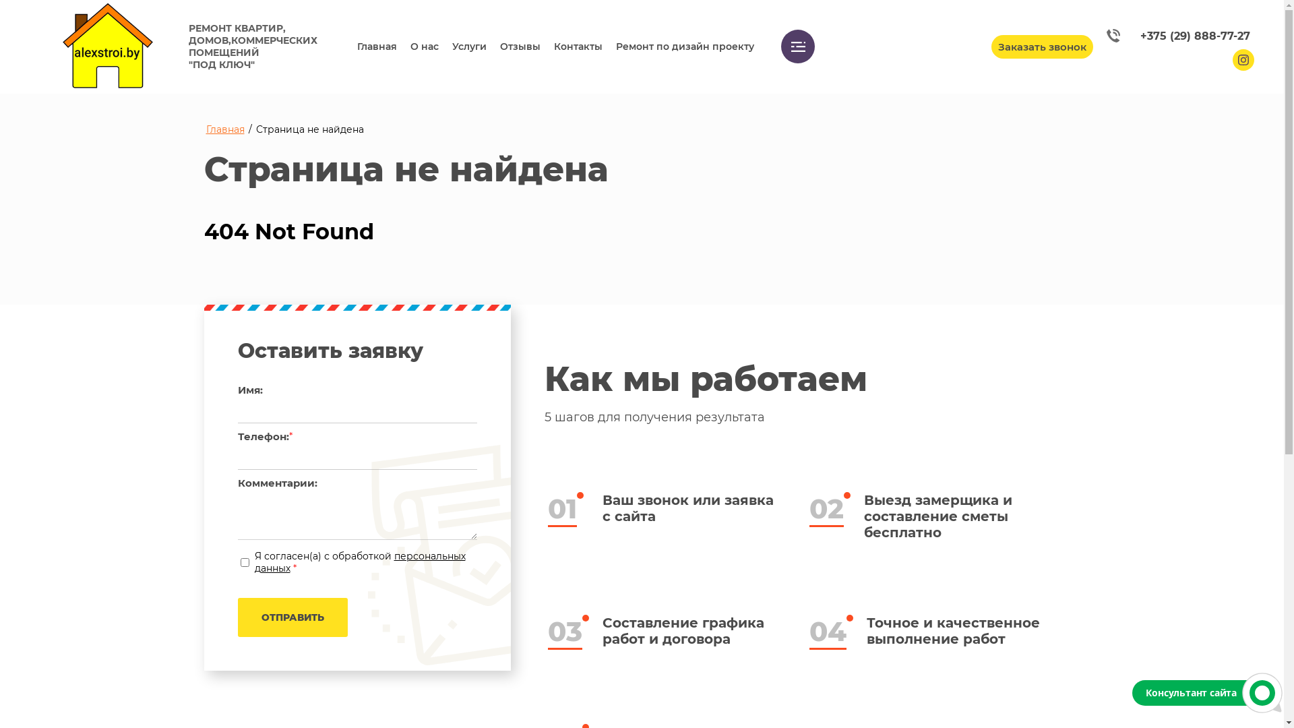 The height and width of the screenshot is (728, 1294). Describe the element at coordinates (1177, 35) in the screenshot. I see `'+375 (29) 888-77-27'` at that location.